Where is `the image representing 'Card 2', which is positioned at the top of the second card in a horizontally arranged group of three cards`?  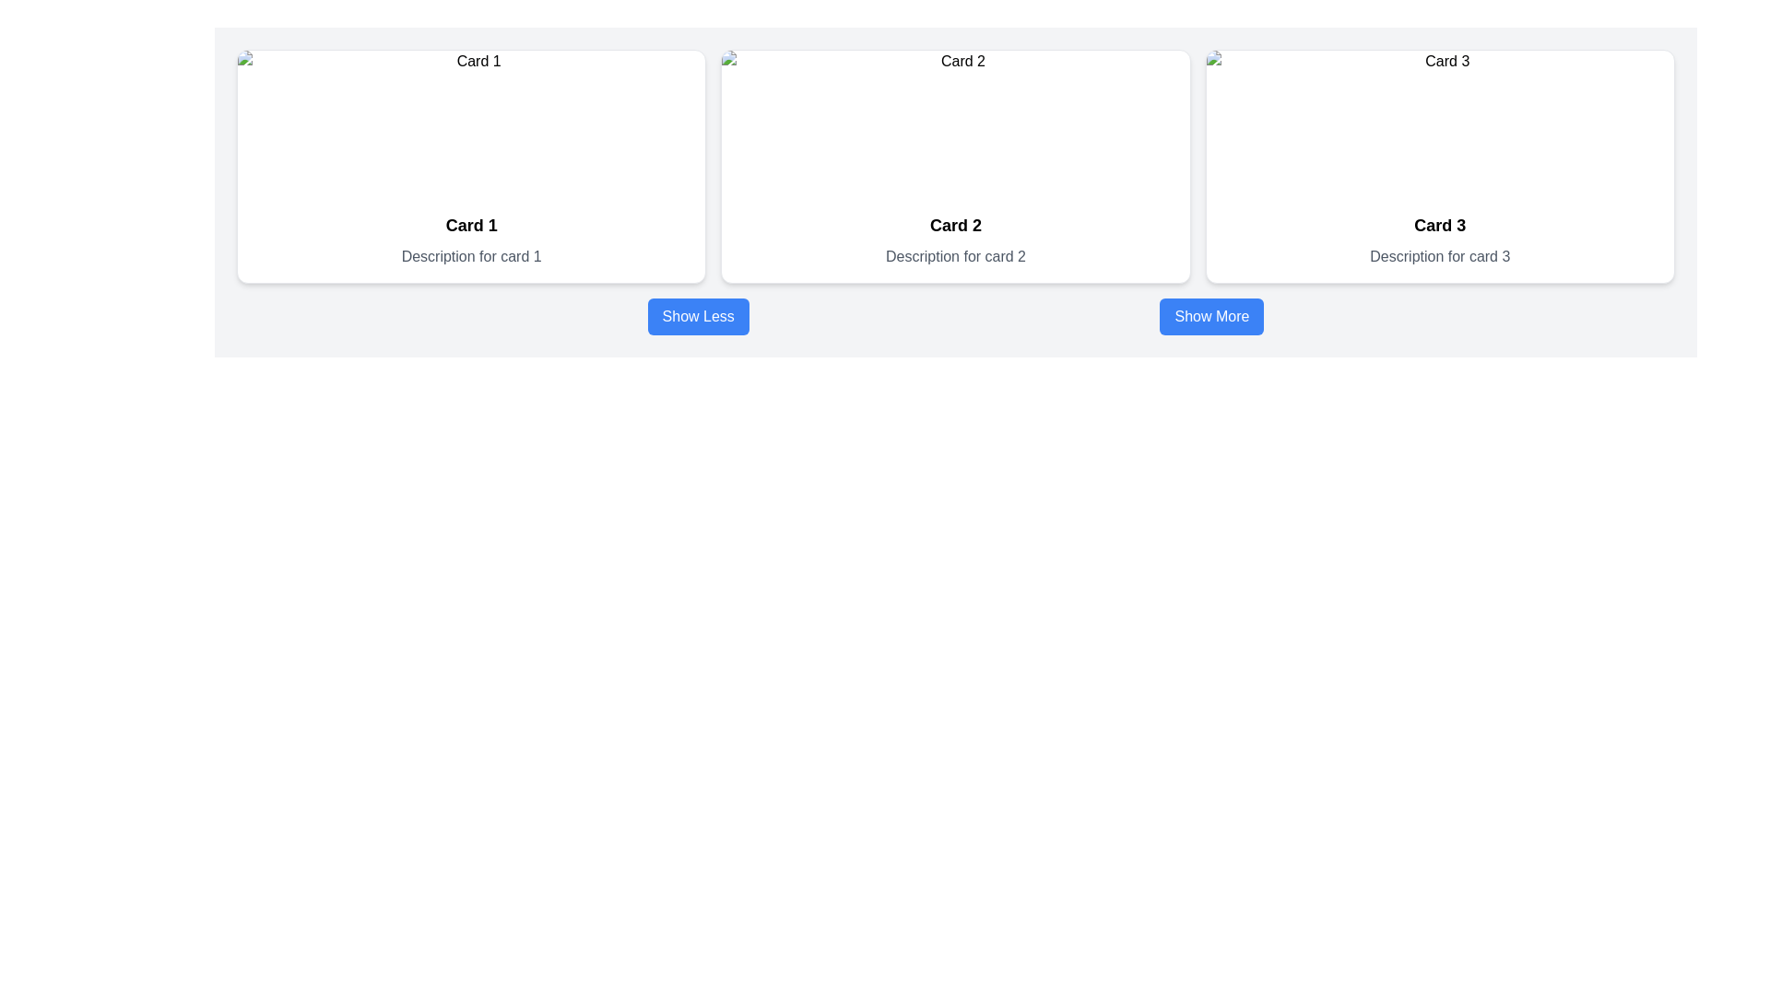
the image representing 'Card 2', which is positioned at the top of the second card in a horizontally arranged group of three cards is located at coordinates (955, 124).